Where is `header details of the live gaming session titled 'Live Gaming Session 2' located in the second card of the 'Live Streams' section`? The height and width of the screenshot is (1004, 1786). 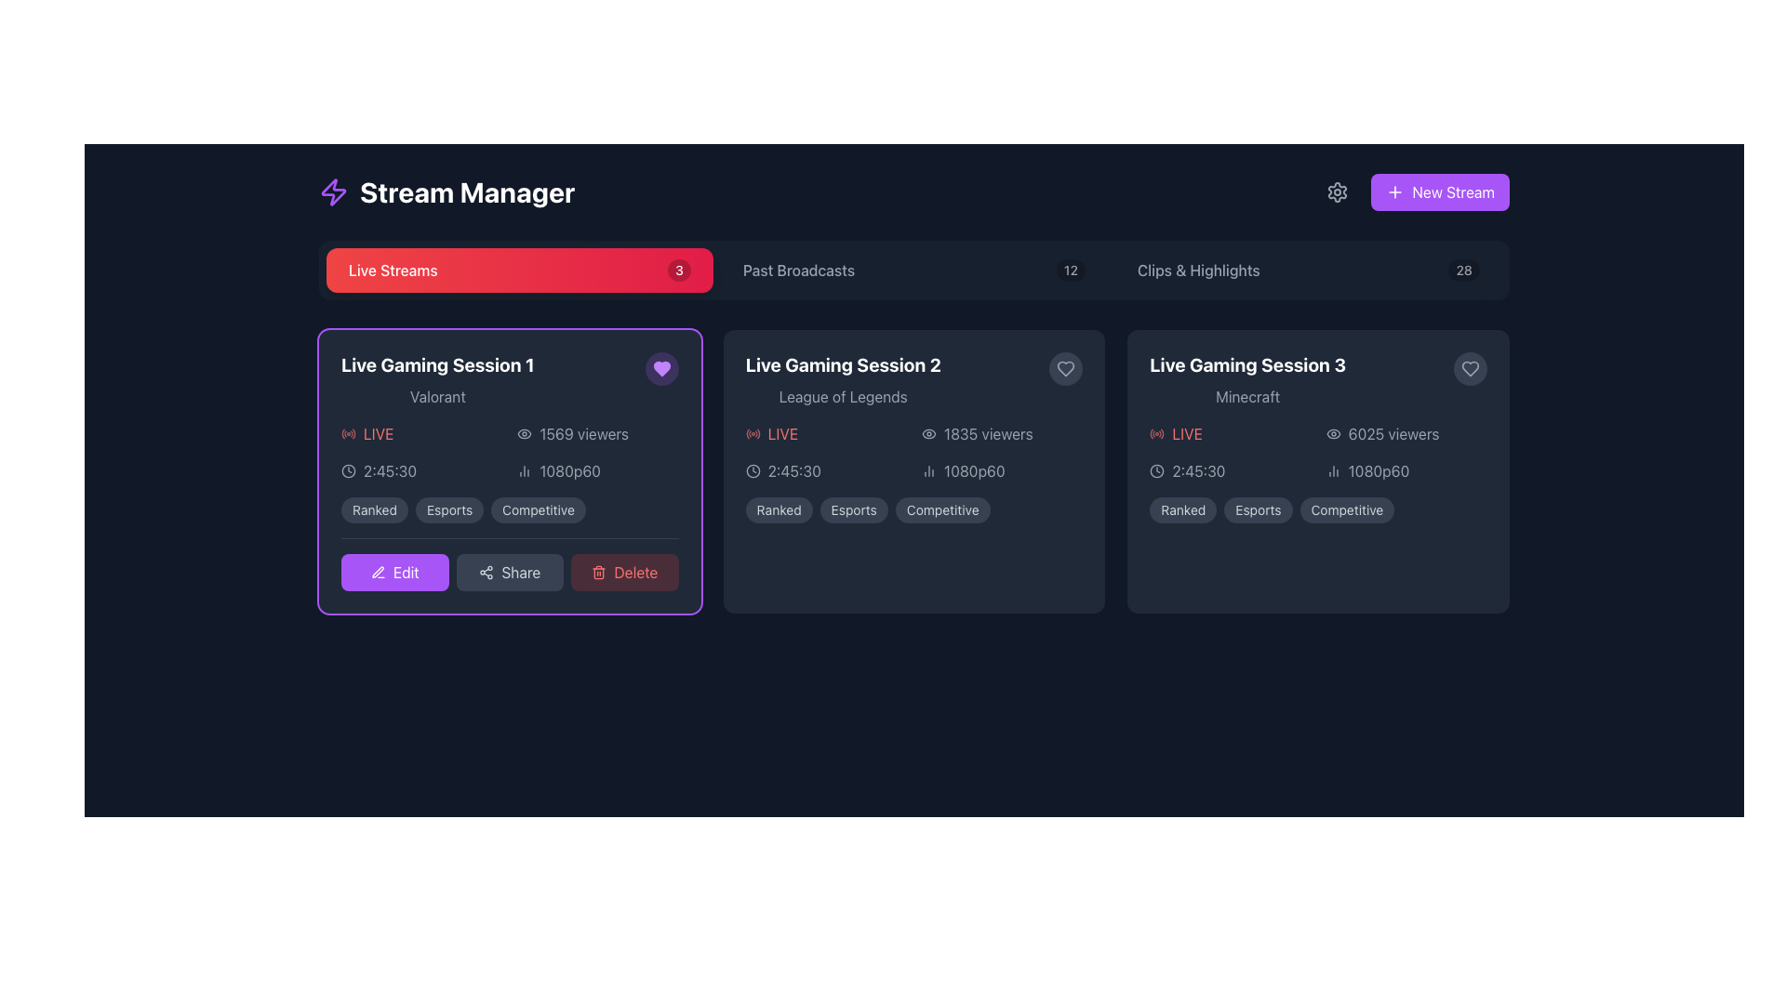
header details of the live gaming session titled 'Live Gaming Session 2' located in the second card of the 'Live Streams' section is located at coordinates (914, 378).